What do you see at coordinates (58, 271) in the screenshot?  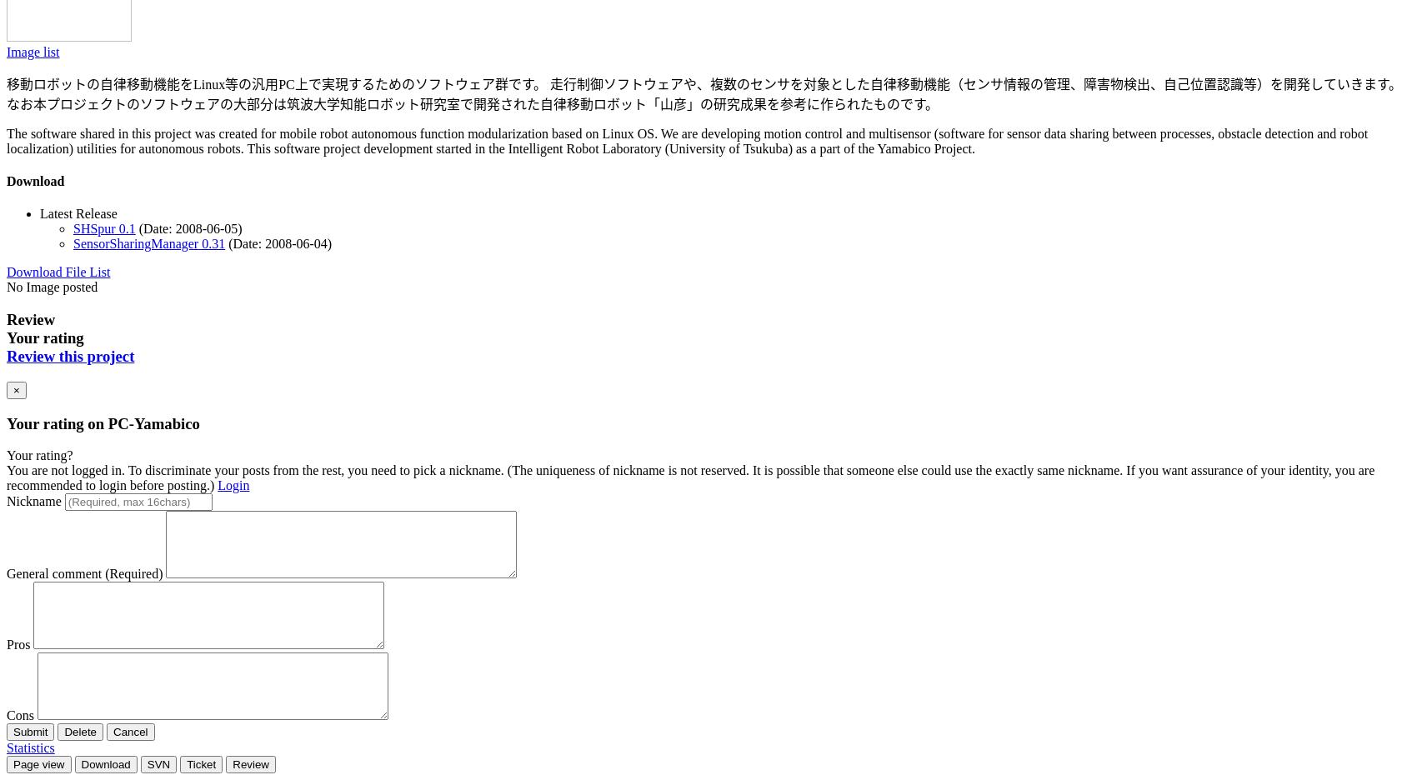 I see `'Download File List'` at bounding box center [58, 271].